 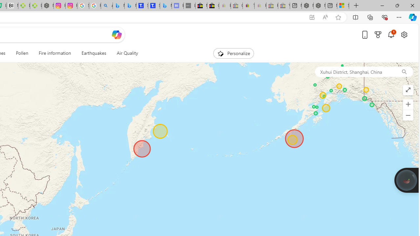 What do you see at coordinates (55, 53) in the screenshot?
I see `'Fire information'` at bounding box center [55, 53].